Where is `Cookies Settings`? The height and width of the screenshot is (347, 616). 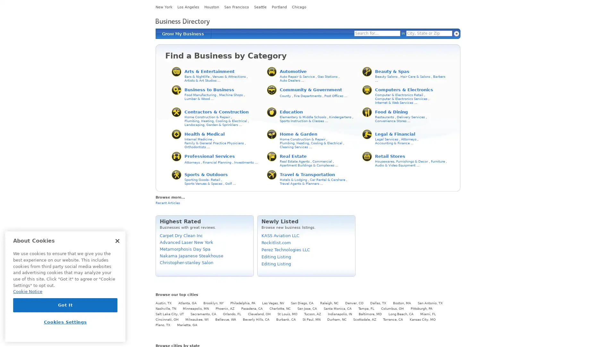 Cookies Settings is located at coordinates (65, 322).